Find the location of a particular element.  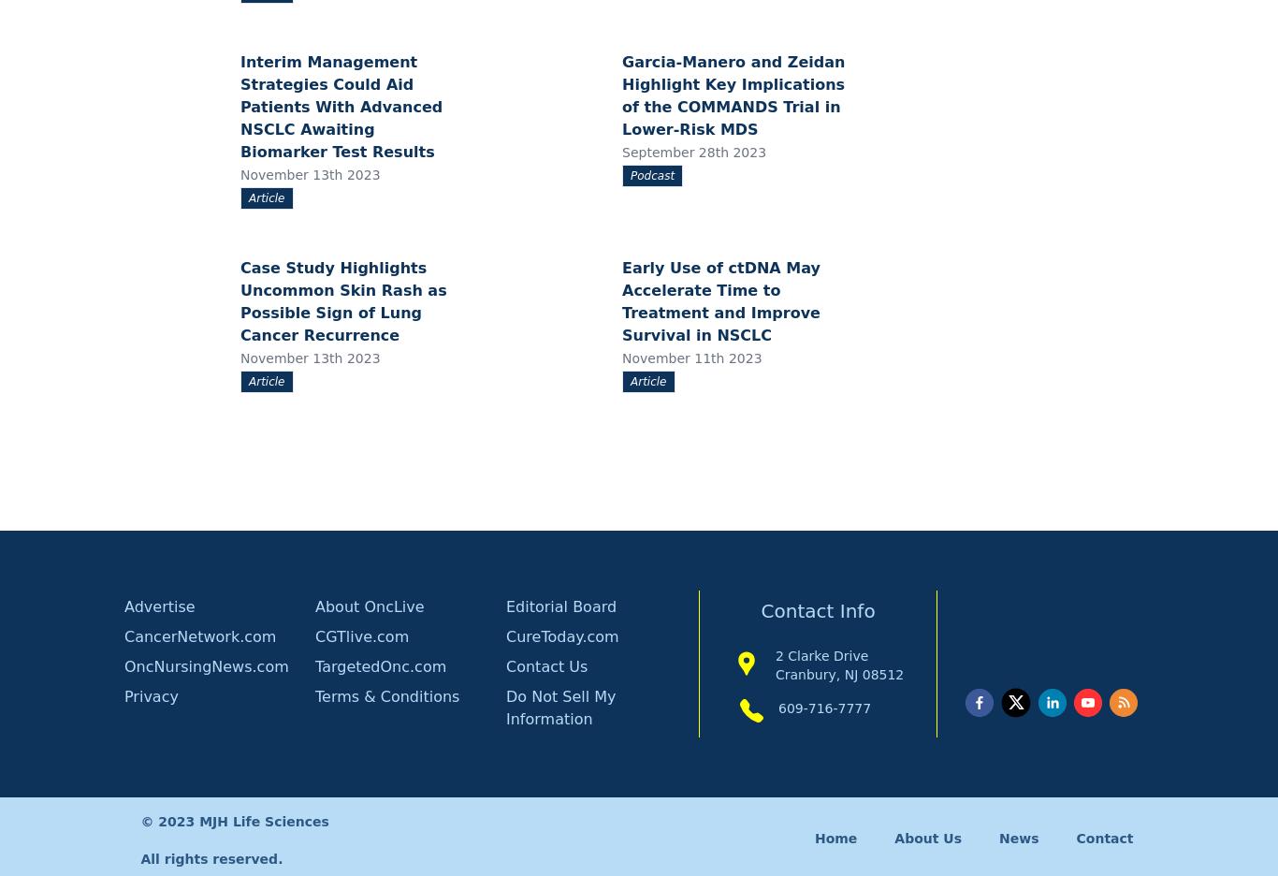

'Contact Info' is located at coordinates (816, 609).